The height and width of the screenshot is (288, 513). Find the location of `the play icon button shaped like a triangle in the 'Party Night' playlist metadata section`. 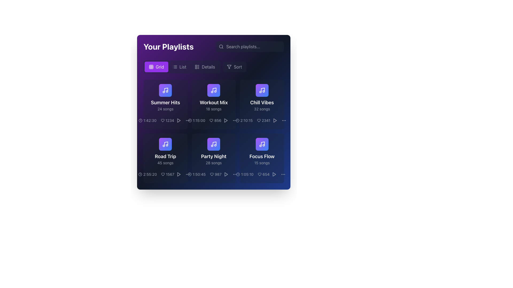

the play icon button shaped like a triangle in the 'Party Night' playlist metadata section is located at coordinates (226, 174).